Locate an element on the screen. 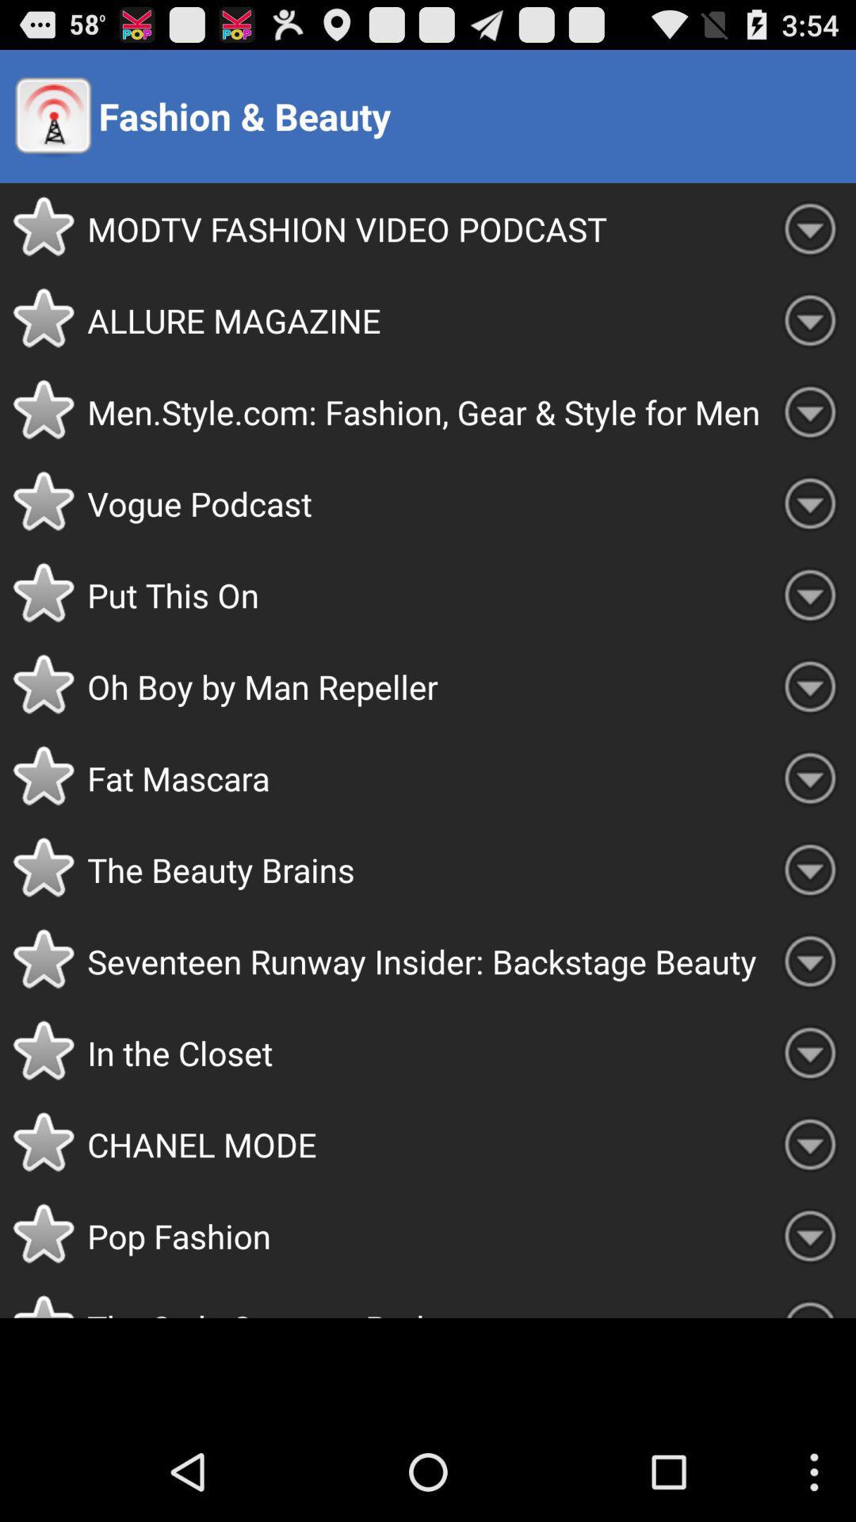 The width and height of the screenshot is (856, 1522). the app below the pop fashion item is located at coordinates (425, 1299).